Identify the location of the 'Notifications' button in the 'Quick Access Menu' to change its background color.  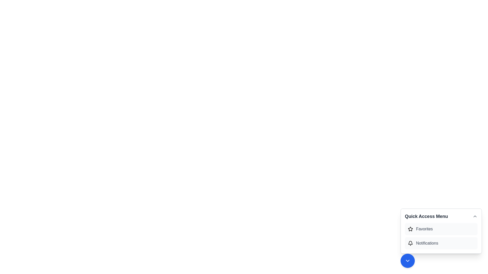
(441, 243).